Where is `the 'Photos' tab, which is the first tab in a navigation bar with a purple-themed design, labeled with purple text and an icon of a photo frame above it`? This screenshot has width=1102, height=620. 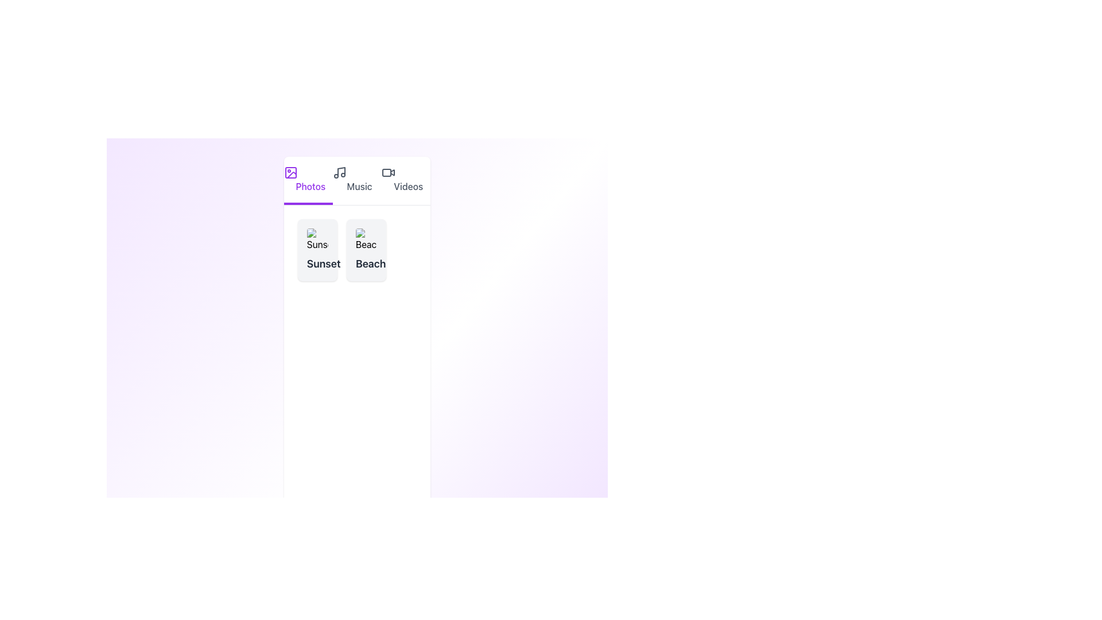 the 'Photos' tab, which is the first tab in a navigation bar with a purple-themed design, labeled with purple text and an icon of a photo frame above it is located at coordinates (308, 181).